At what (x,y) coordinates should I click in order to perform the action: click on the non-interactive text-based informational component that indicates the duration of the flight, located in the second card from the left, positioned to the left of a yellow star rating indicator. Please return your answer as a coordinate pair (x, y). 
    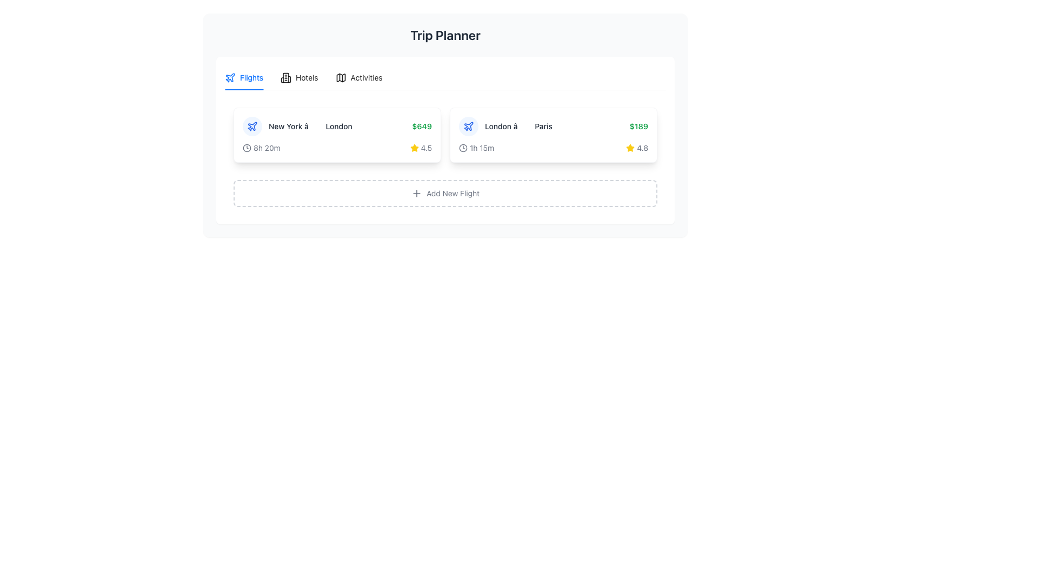
    Looking at the image, I should click on (476, 148).